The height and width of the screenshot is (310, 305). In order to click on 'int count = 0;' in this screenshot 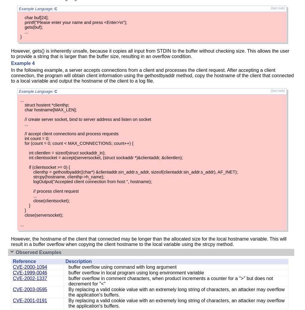, I will do `click(36, 138)`.